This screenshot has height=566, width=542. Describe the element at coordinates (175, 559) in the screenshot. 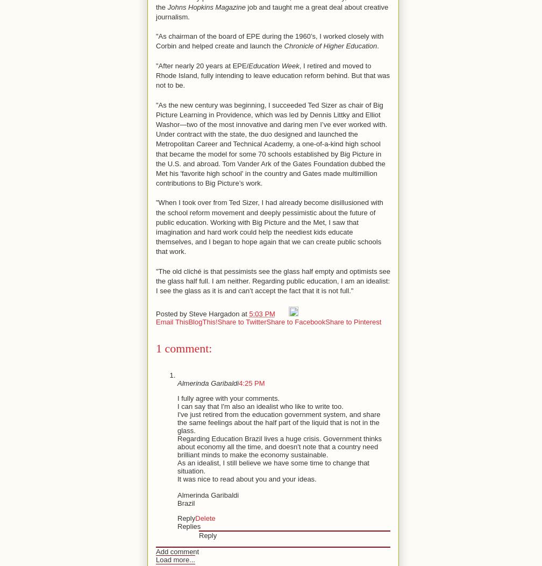

I see `'Load more...'` at that location.